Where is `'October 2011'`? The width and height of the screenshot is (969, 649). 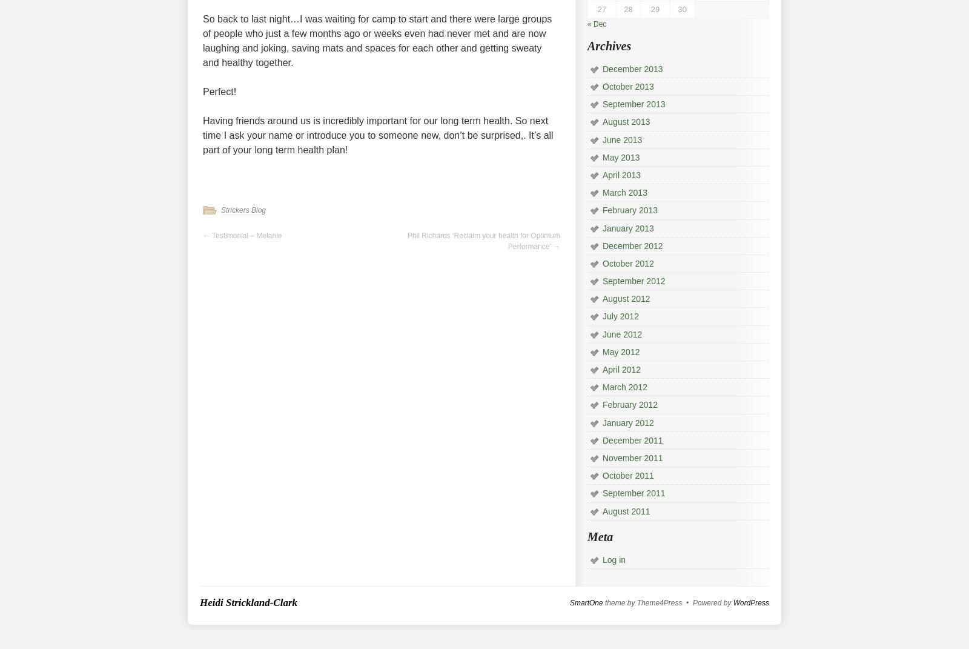
'October 2011' is located at coordinates (627, 475).